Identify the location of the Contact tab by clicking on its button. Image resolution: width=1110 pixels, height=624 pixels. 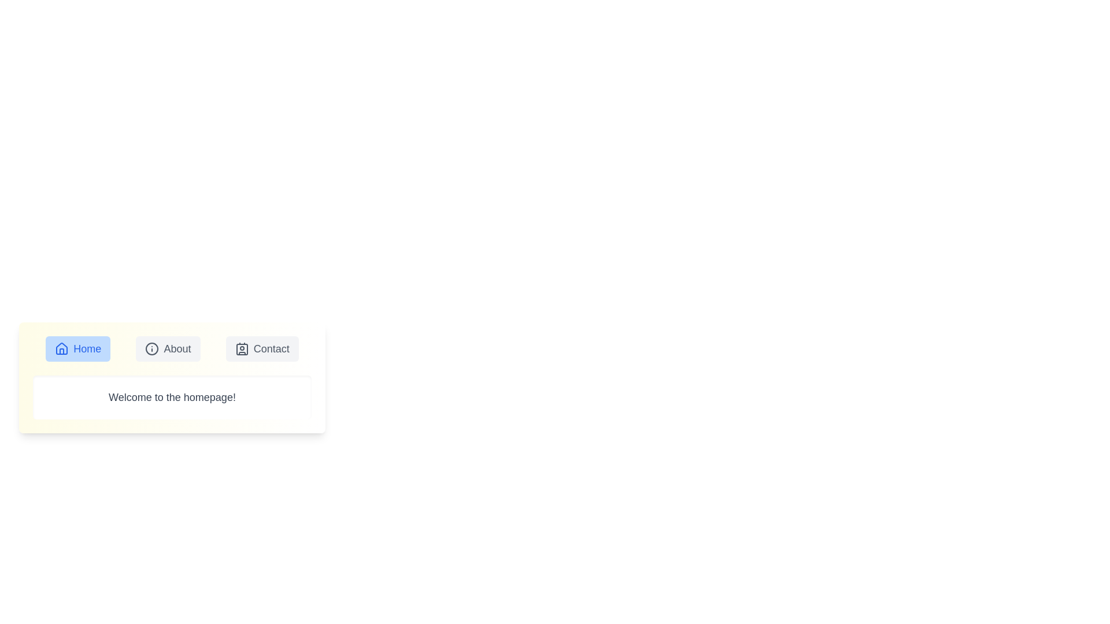
(262, 348).